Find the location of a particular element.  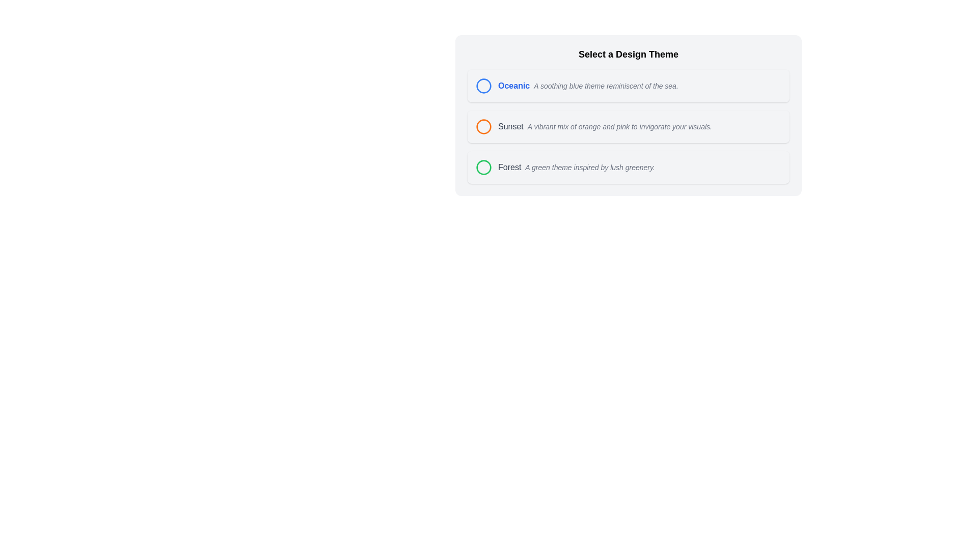

the 'Sunset' selection option, which features an orange circle icon and is located between the 'Oceanic' and 'Forest' options in the design themes list is located at coordinates (594, 126).